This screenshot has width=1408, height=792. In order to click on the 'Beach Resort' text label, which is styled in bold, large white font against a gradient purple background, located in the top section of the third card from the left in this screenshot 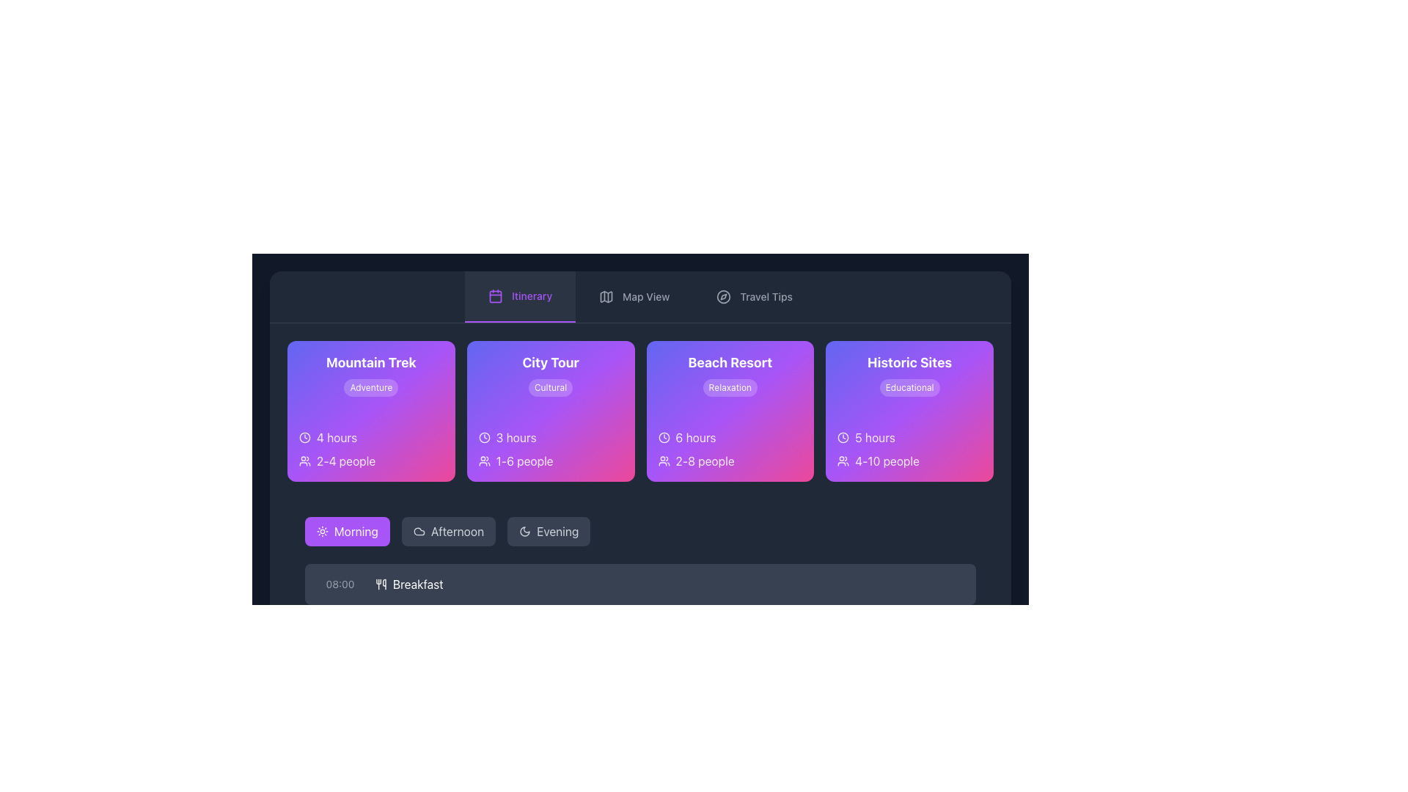, I will do `click(730, 362)`.